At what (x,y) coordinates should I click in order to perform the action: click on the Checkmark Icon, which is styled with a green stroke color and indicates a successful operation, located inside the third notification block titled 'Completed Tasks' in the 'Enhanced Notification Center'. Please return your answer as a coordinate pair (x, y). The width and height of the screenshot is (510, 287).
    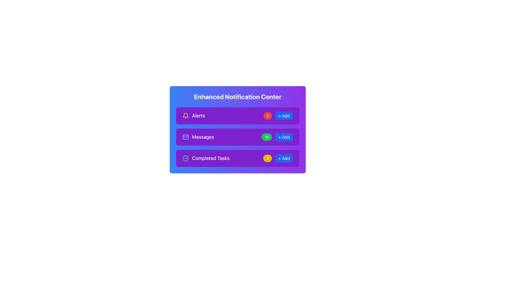
    Looking at the image, I should click on (186, 157).